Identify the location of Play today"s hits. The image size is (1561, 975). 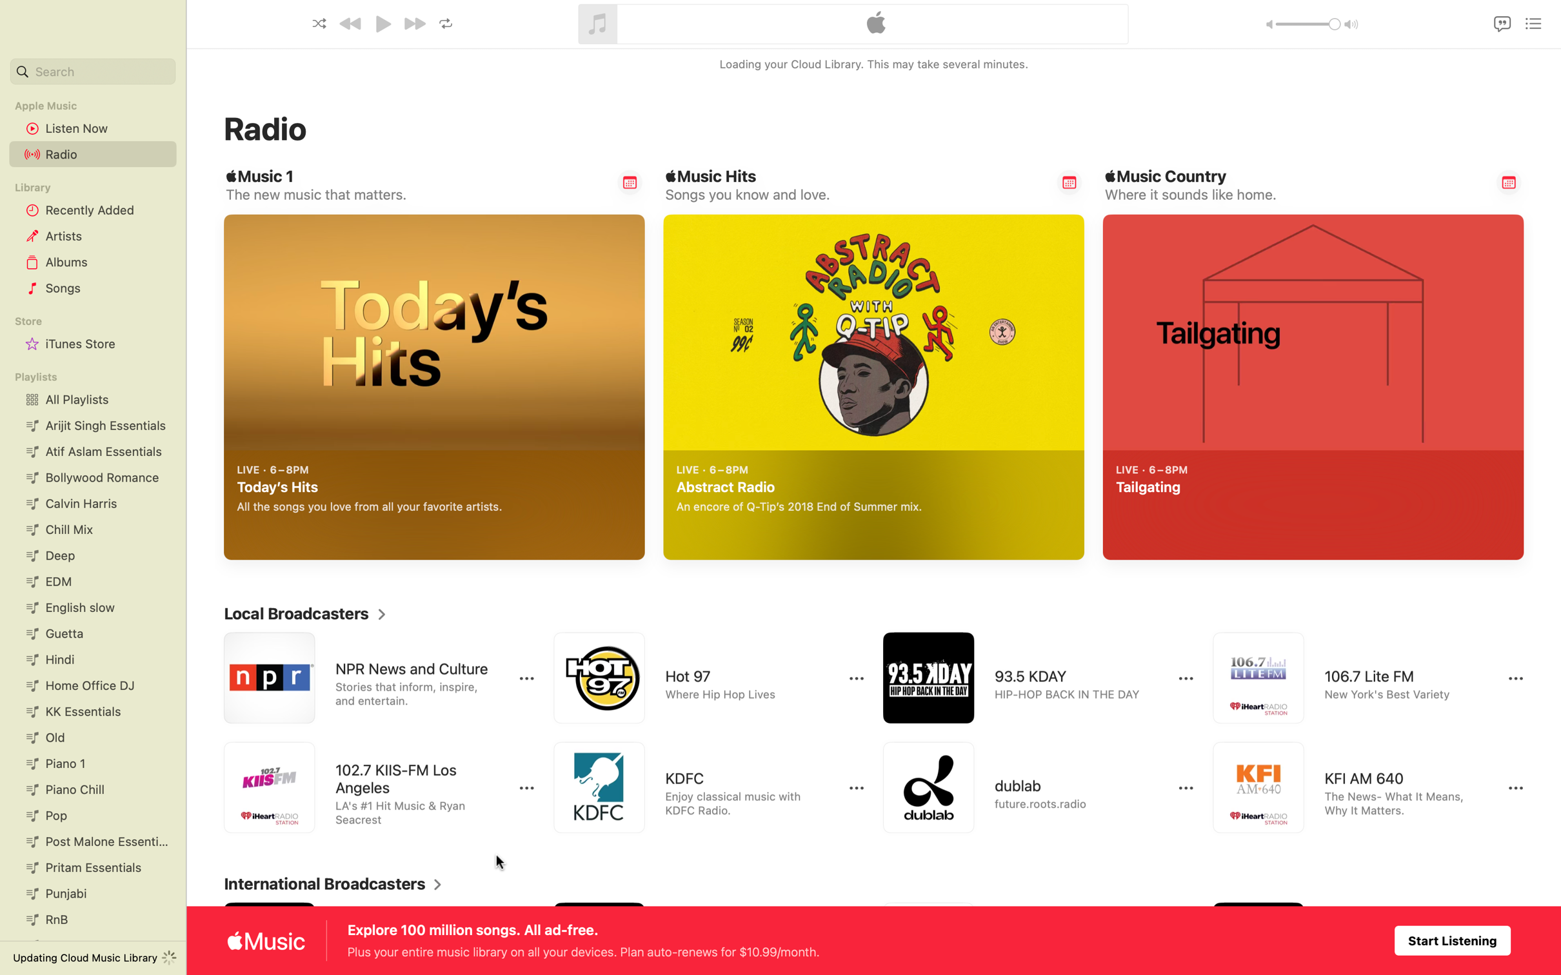
(1464218, 812662).